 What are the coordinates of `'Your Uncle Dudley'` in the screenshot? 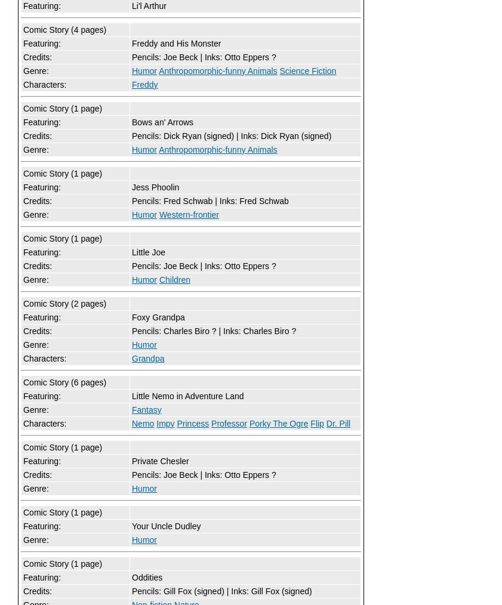 It's located at (165, 525).